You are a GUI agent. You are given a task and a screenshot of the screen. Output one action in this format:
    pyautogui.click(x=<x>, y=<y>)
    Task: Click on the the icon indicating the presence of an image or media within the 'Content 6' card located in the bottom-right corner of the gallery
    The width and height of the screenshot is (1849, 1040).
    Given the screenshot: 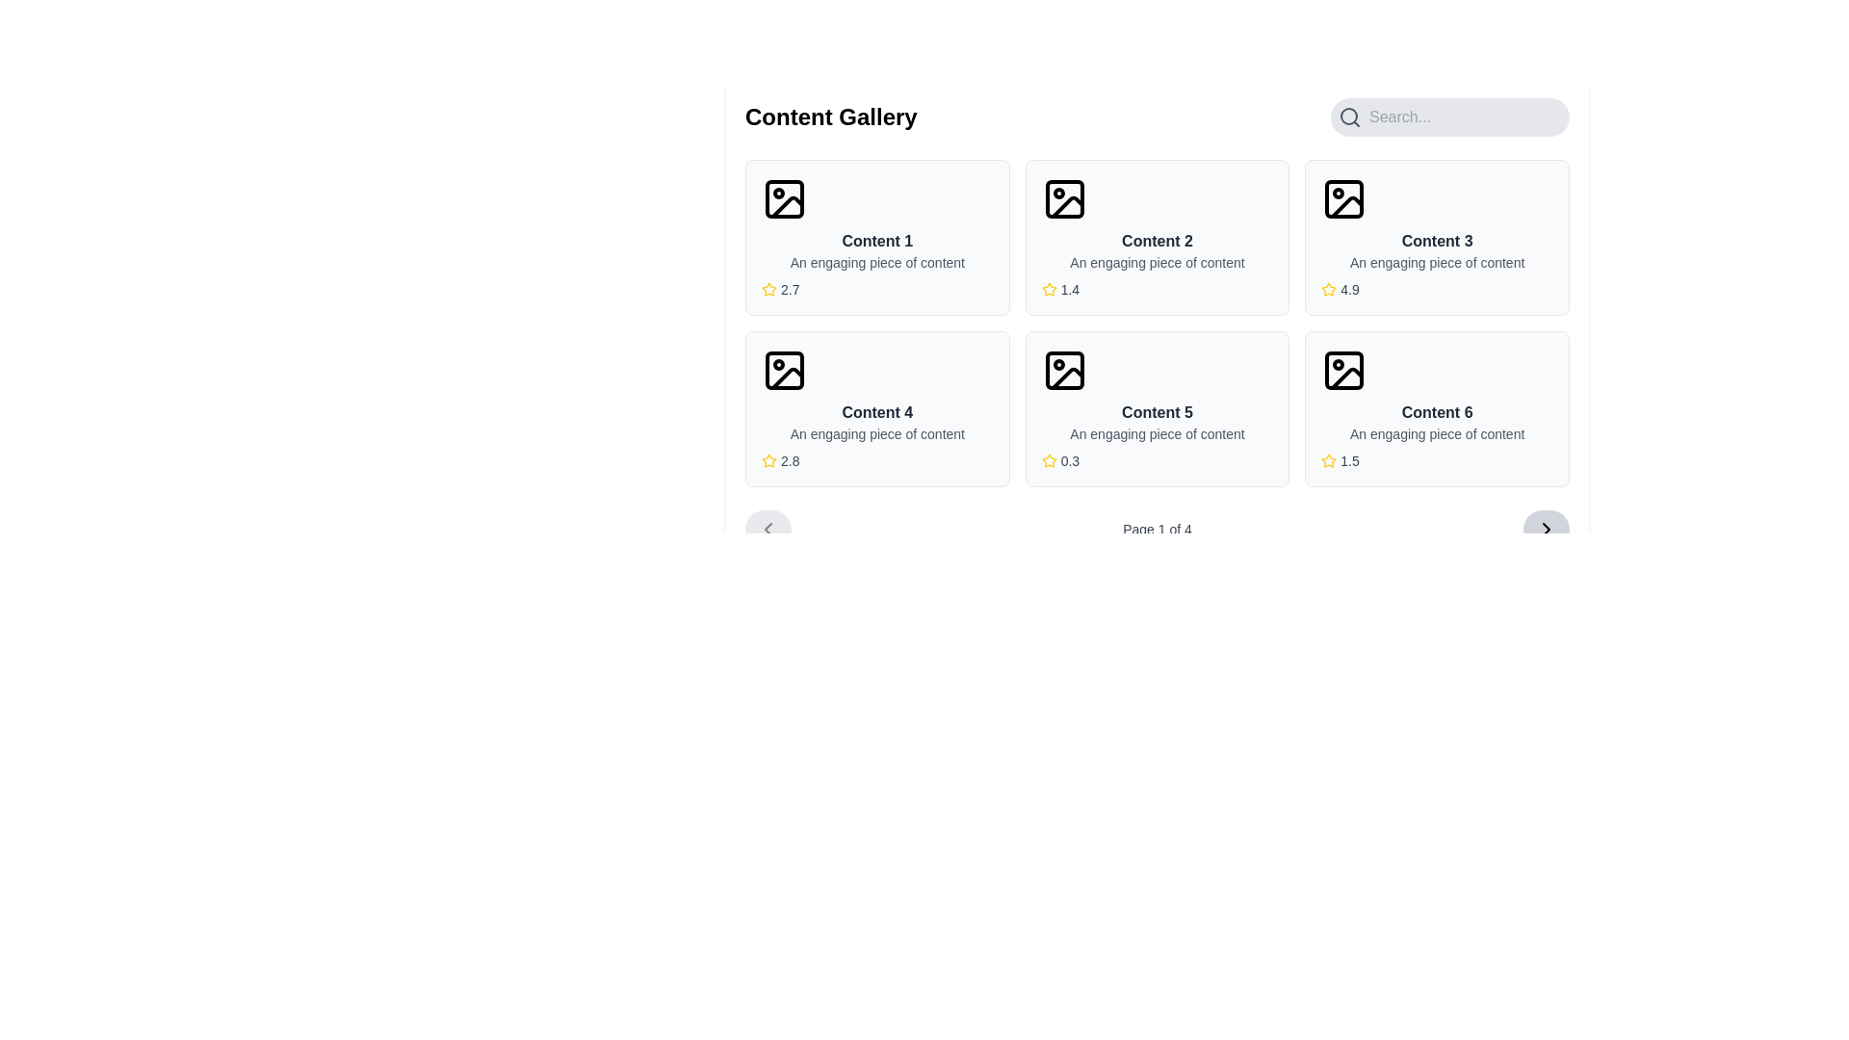 What is the action you would take?
    pyautogui.click(x=1343, y=371)
    